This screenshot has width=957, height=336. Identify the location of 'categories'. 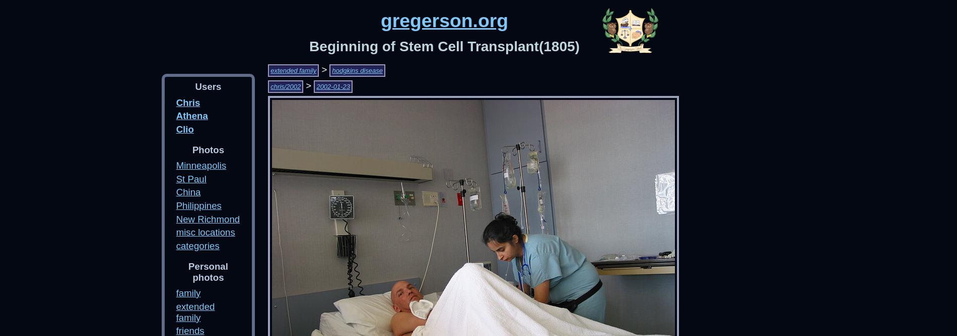
(196, 245).